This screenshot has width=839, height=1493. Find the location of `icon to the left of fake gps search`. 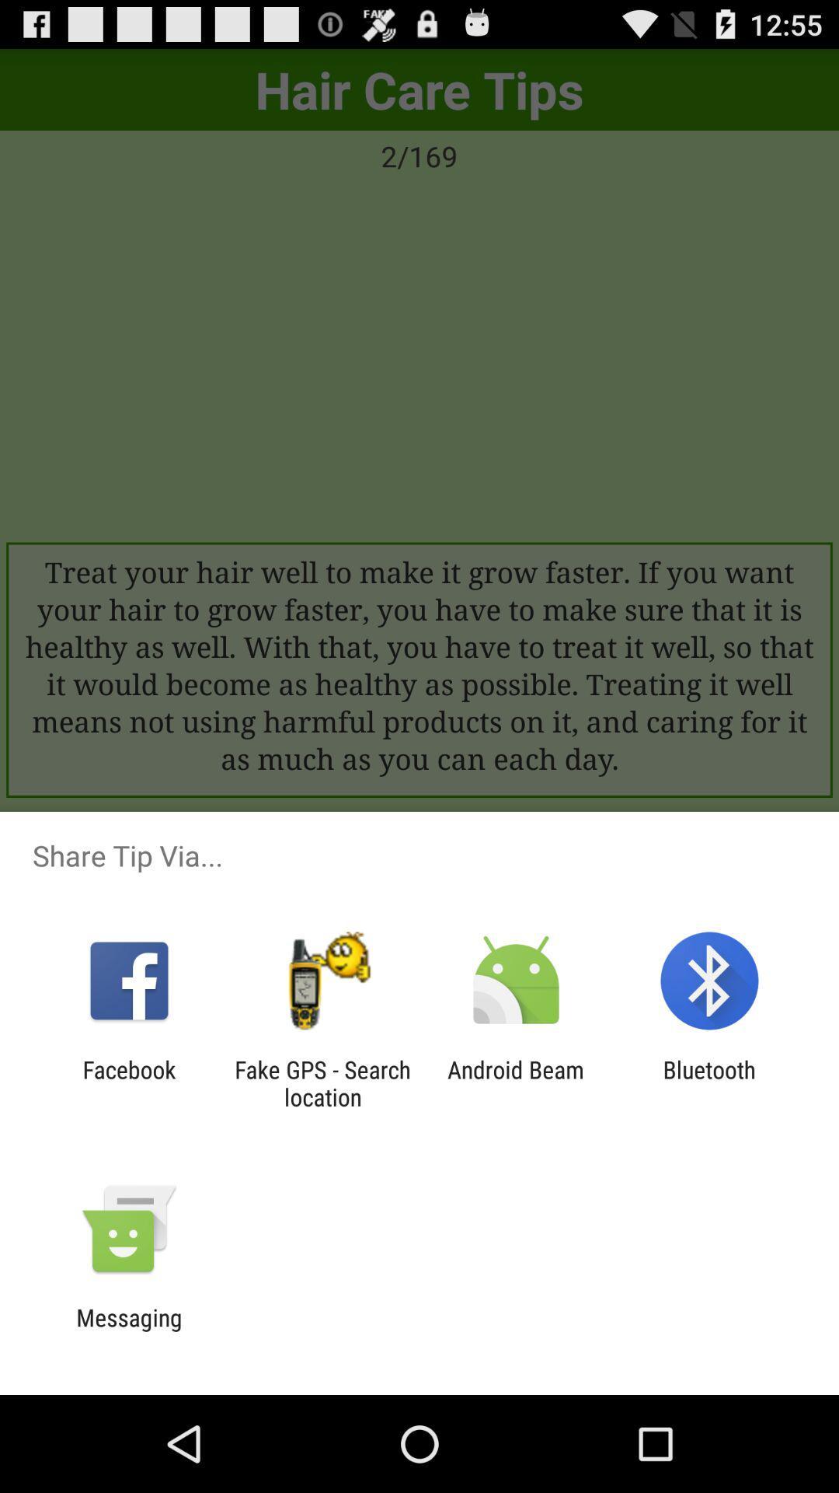

icon to the left of fake gps search is located at coordinates (128, 1082).